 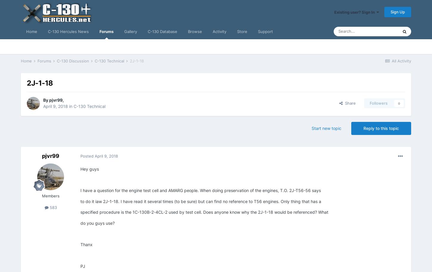 What do you see at coordinates (83, 266) in the screenshot?
I see `'PJ'` at bounding box center [83, 266].